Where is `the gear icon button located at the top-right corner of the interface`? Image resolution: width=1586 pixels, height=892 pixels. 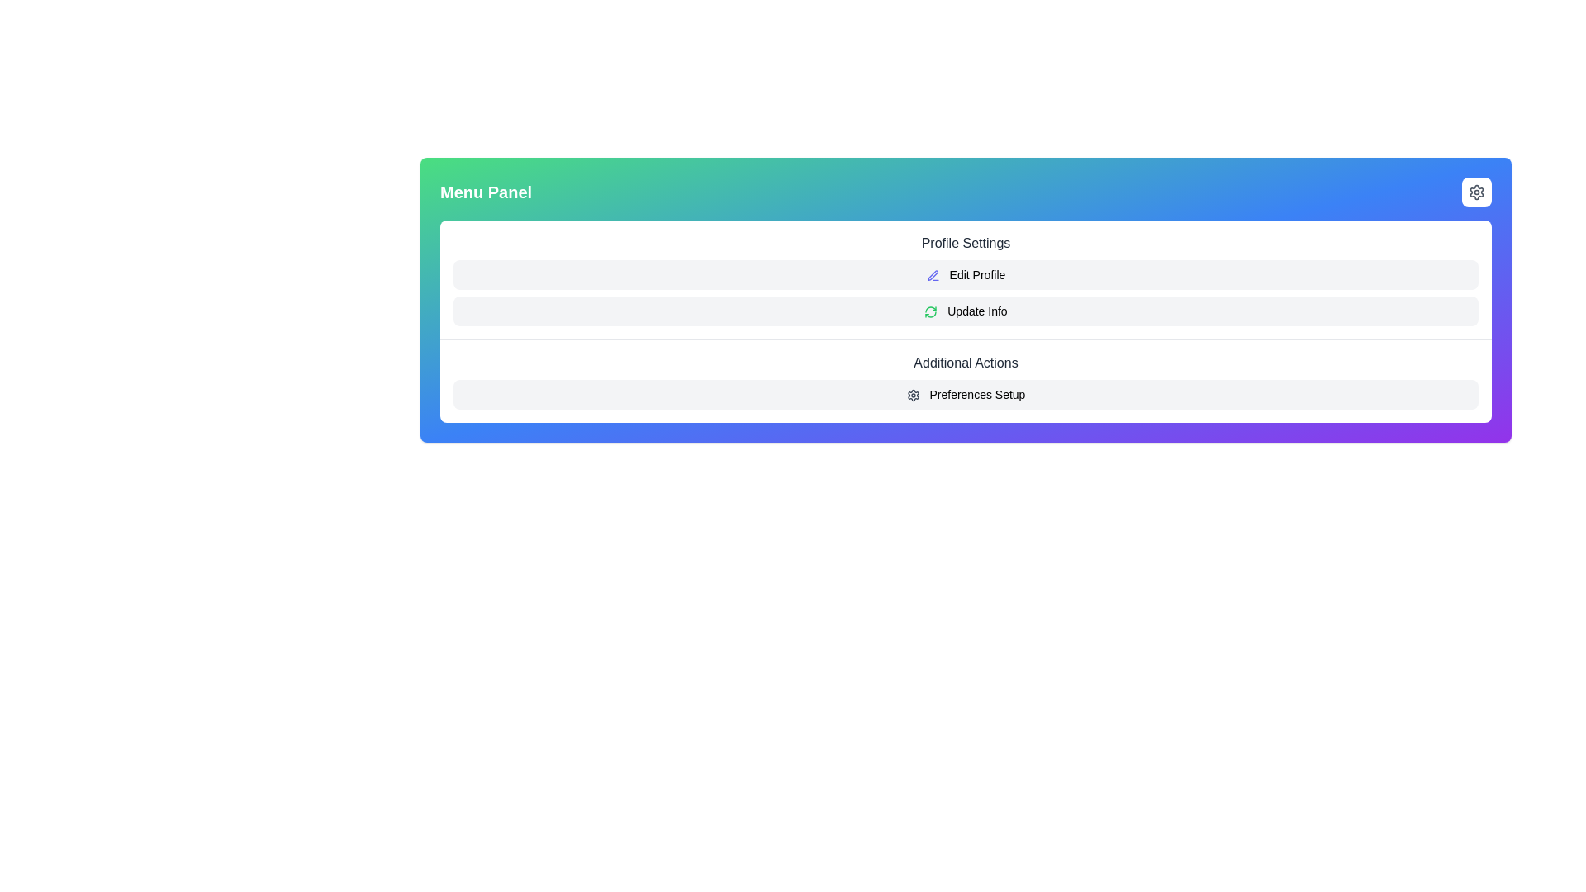 the gear icon button located at the top-right corner of the interface is located at coordinates (1477, 191).